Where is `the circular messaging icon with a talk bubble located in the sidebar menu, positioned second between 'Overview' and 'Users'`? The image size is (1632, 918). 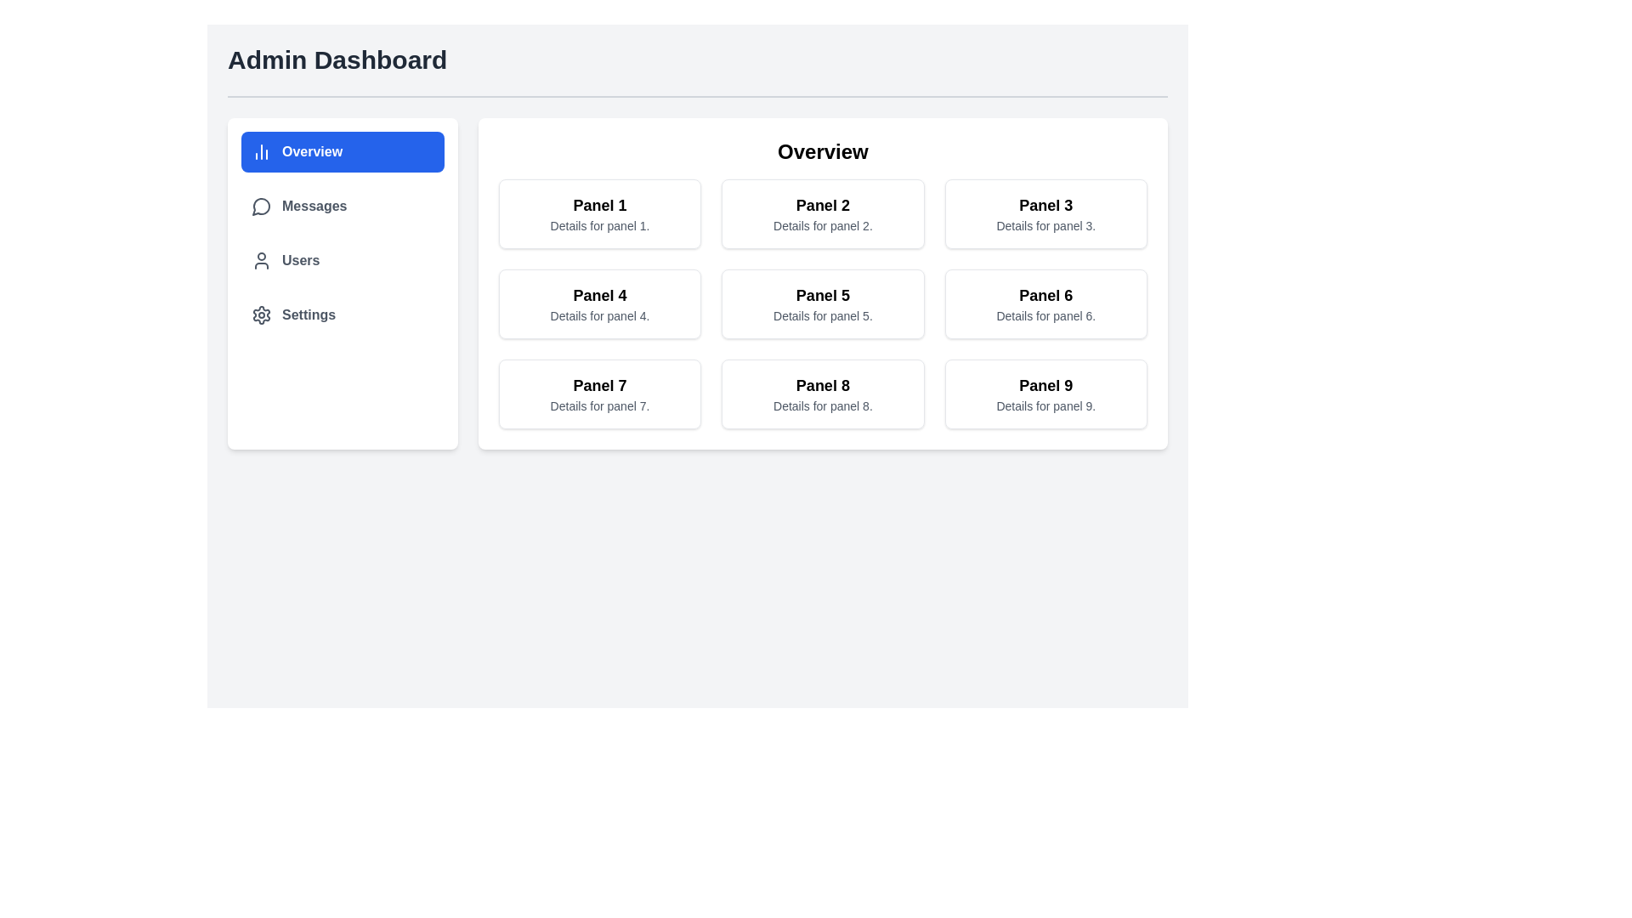 the circular messaging icon with a talk bubble located in the sidebar menu, positioned second between 'Overview' and 'Users' is located at coordinates (260, 206).